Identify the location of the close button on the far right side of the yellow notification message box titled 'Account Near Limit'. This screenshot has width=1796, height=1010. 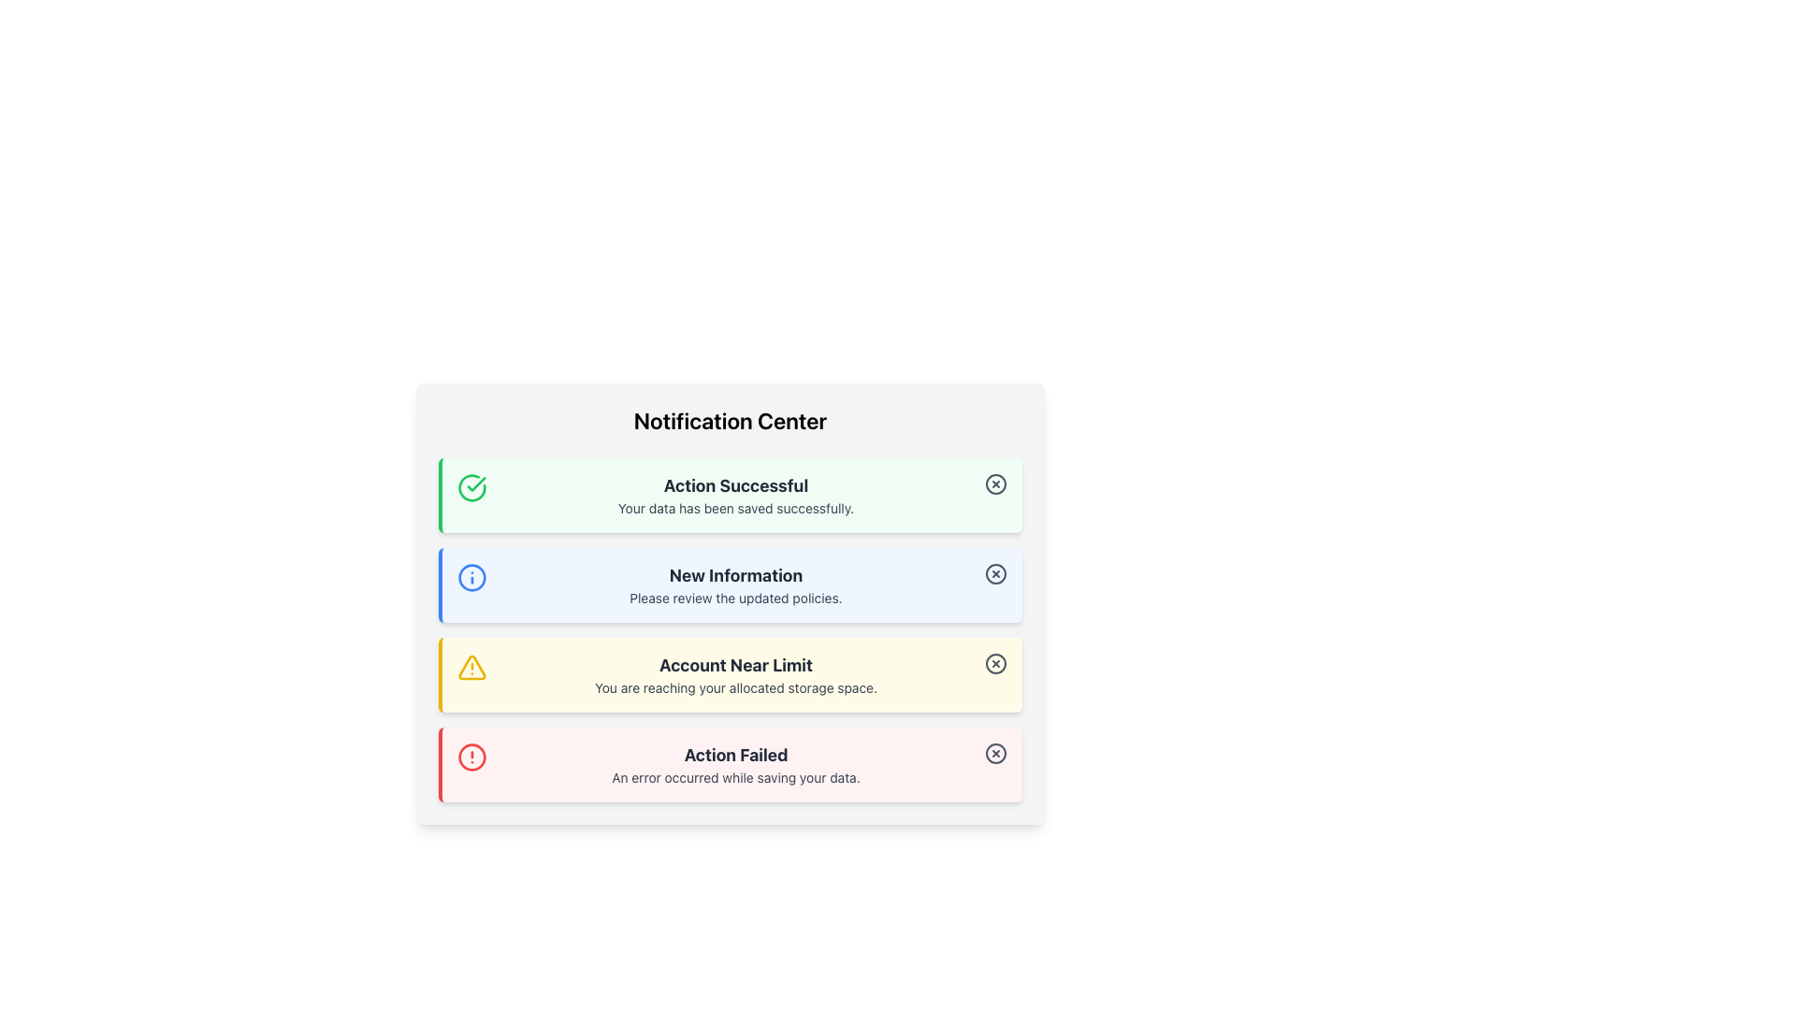
(995, 662).